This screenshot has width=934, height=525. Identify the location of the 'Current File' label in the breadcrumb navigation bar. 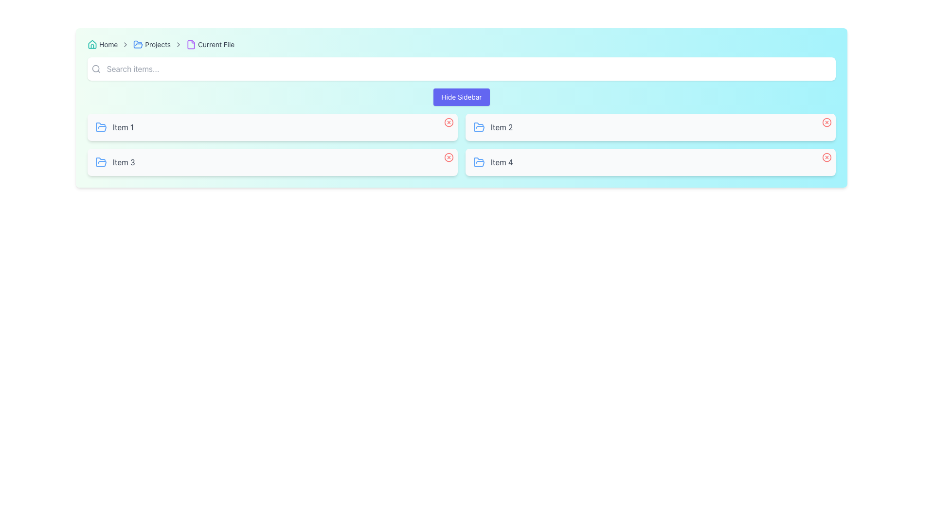
(210, 45).